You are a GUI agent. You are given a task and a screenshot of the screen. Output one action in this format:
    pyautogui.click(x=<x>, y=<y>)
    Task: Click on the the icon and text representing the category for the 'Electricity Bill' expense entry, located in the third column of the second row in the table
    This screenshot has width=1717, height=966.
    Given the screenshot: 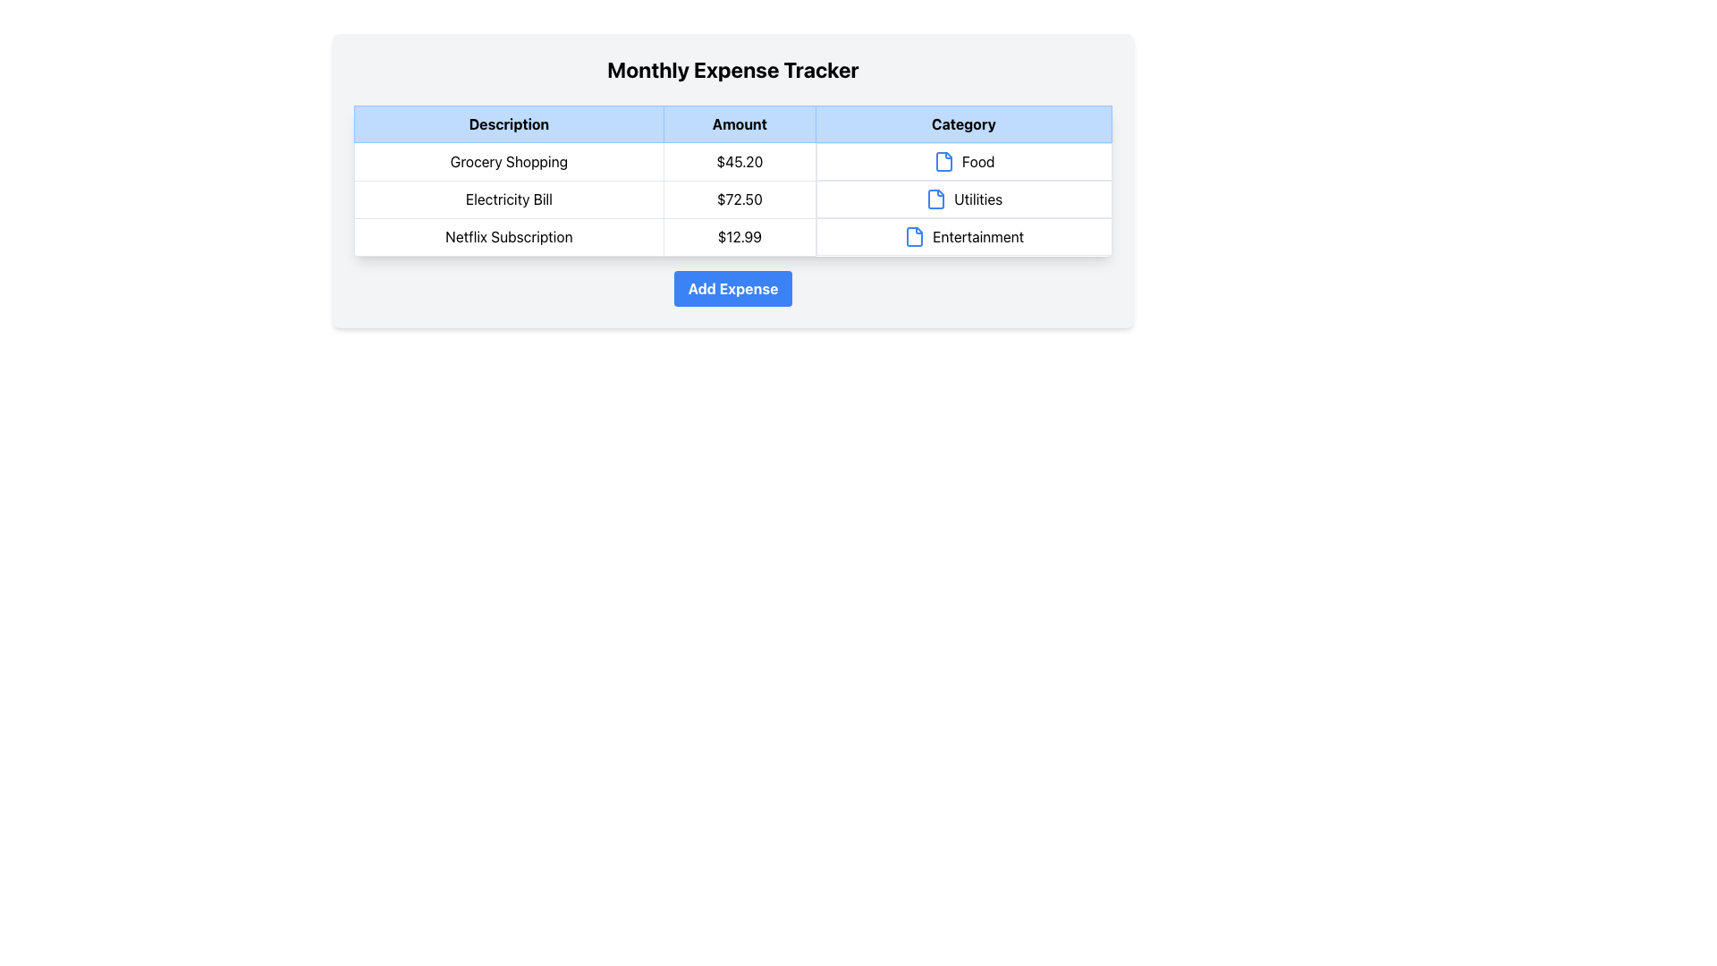 What is the action you would take?
    pyautogui.click(x=963, y=199)
    